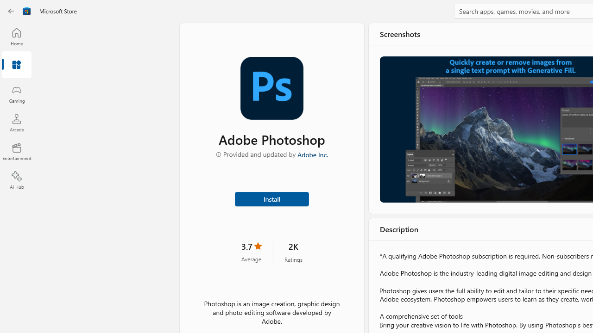  I want to click on 'Adobe Inc.', so click(313, 154).